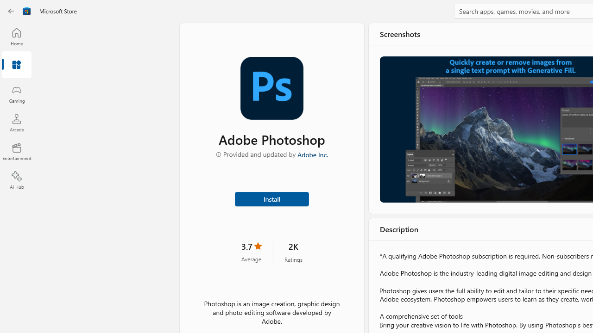  I want to click on 'Adobe Inc.', so click(313, 154).